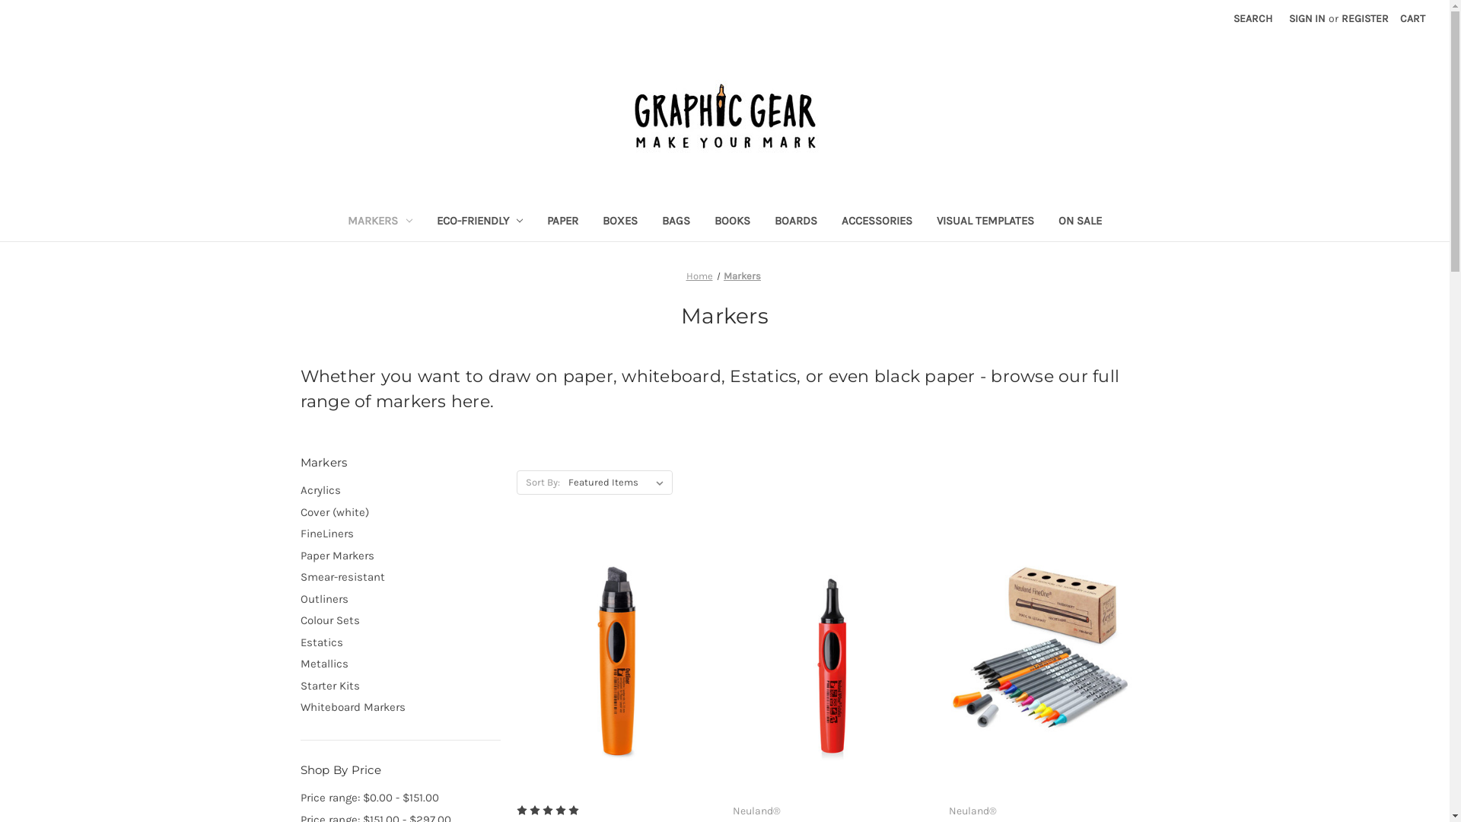 The image size is (1461, 822). What do you see at coordinates (335, 222) in the screenshot?
I see `'MARKERS'` at bounding box center [335, 222].